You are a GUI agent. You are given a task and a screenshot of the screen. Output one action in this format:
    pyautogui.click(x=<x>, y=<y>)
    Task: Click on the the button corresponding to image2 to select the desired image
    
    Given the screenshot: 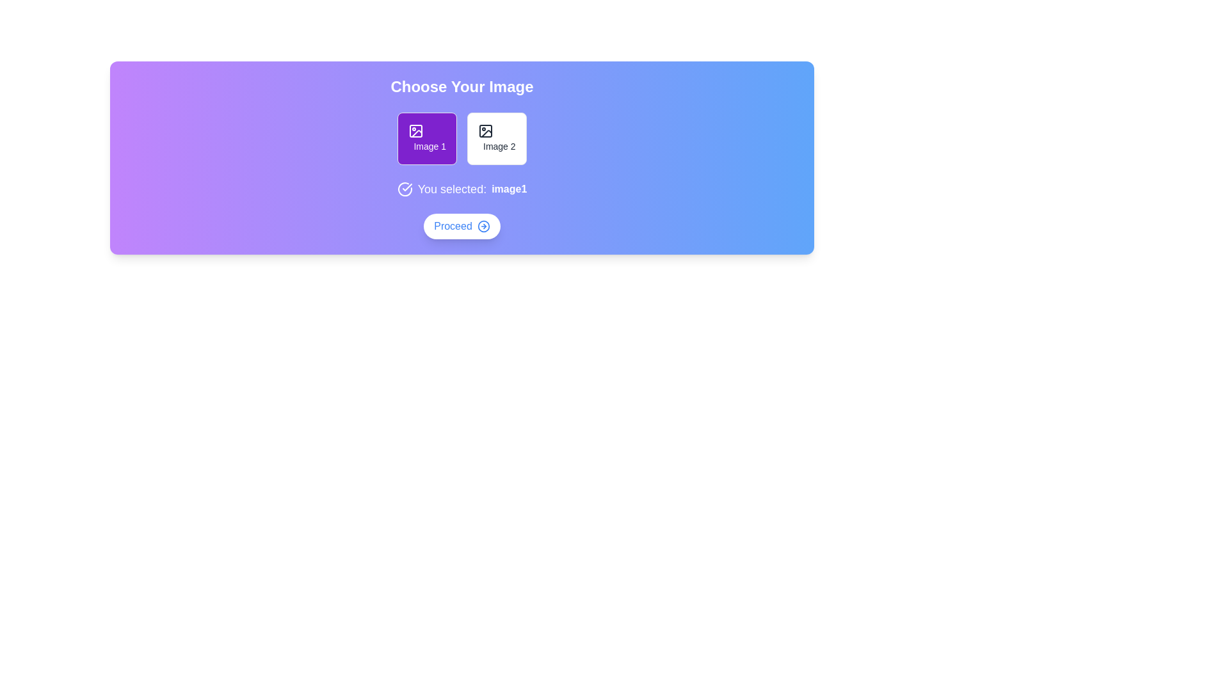 What is the action you would take?
    pyautogui.click(x=496, y=138)
    